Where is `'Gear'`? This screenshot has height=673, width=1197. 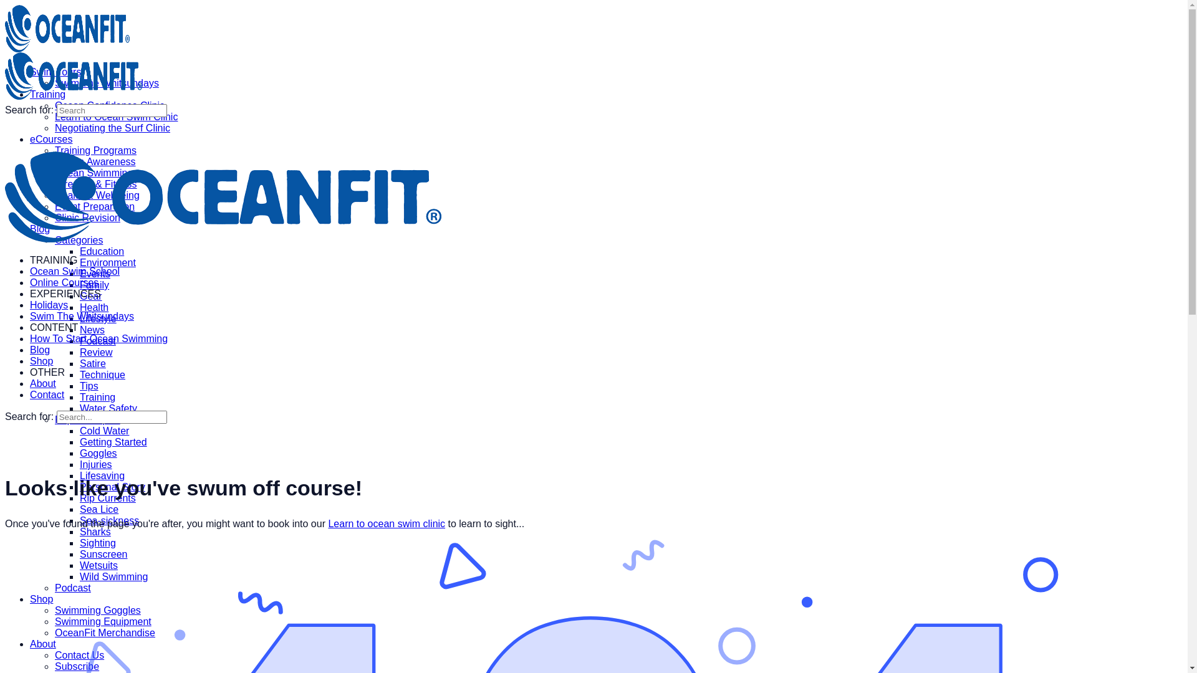
'Gear' is located at coordinates (90, 296).